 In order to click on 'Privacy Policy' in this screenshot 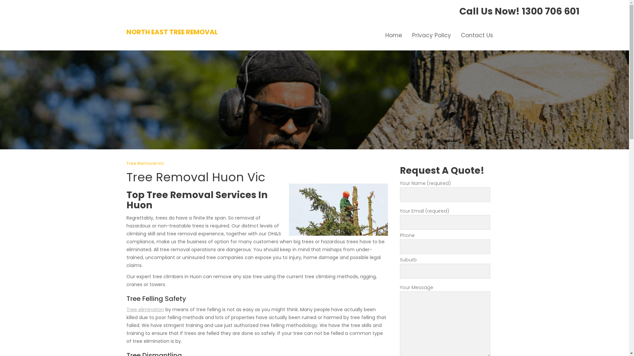, I will do `click(431, 35)`.